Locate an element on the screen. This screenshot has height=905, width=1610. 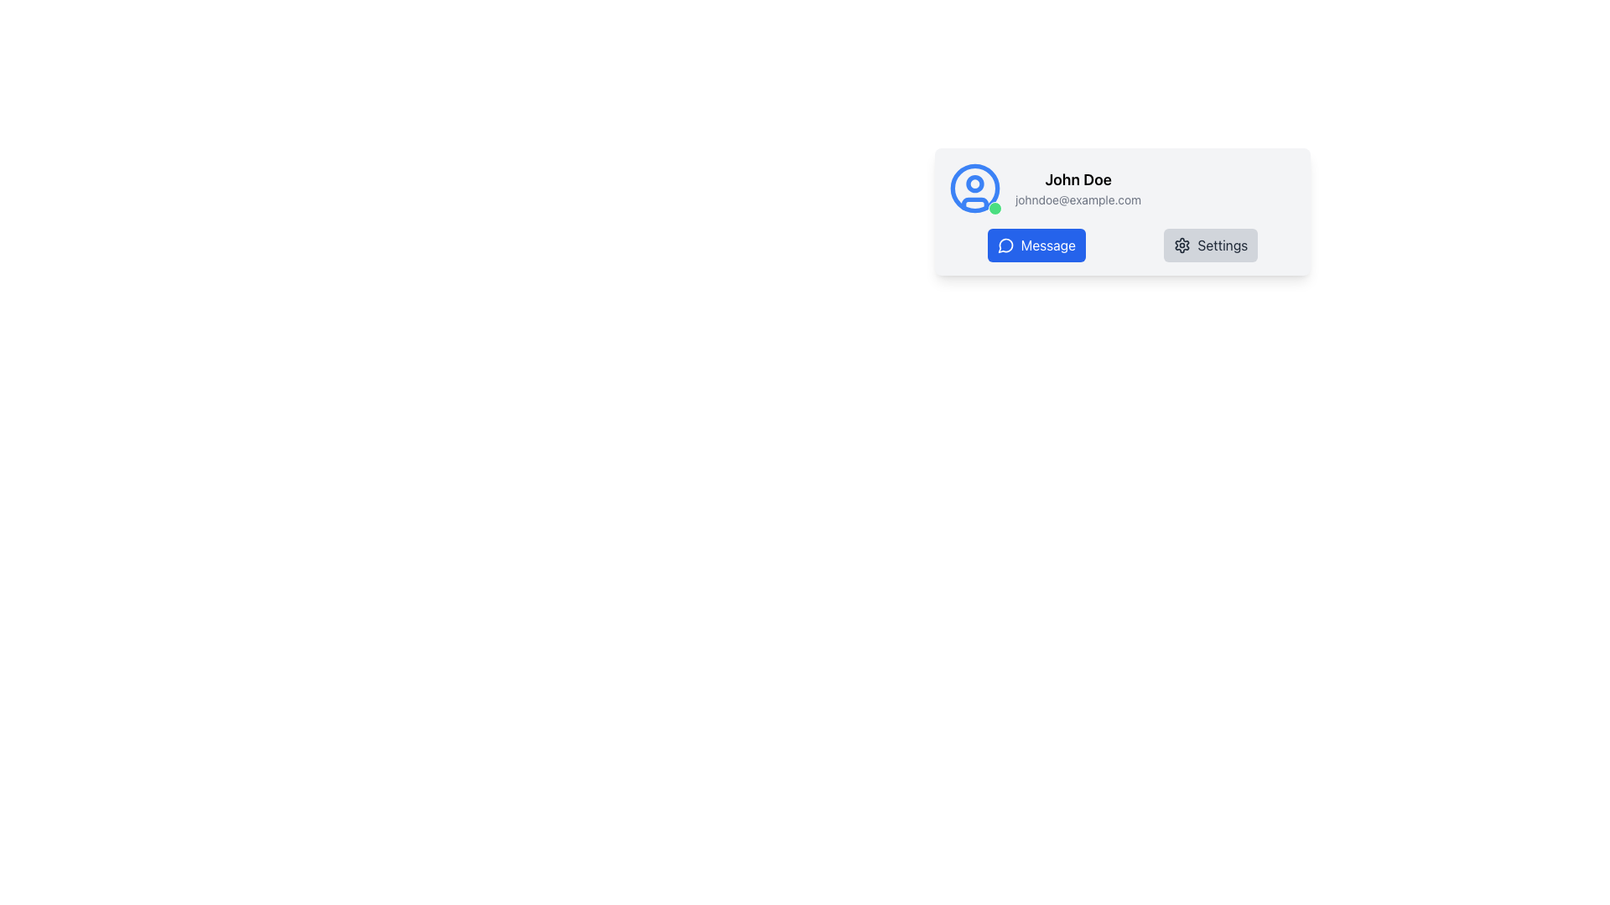
the static text display showing the user profile section with the name 'John Doe' and email 'johndoe@example.com' is located at coordinates (1123, 188).